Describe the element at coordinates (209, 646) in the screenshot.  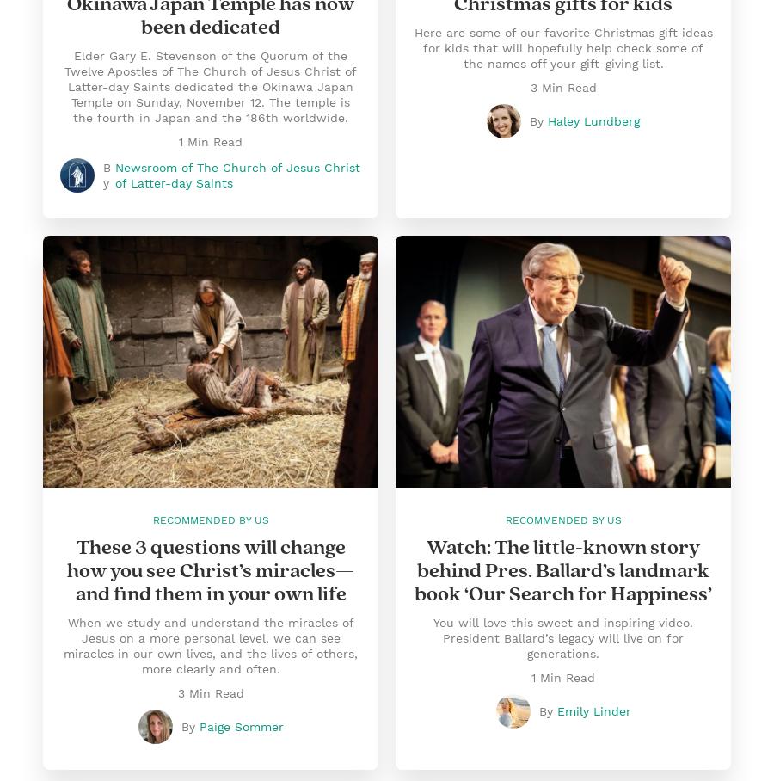
I see `'When we study and understand the miracles of Jesus on a more personal level, we can see miracles in our own lives, and the lives of others, more clearly and often.'` at that location.